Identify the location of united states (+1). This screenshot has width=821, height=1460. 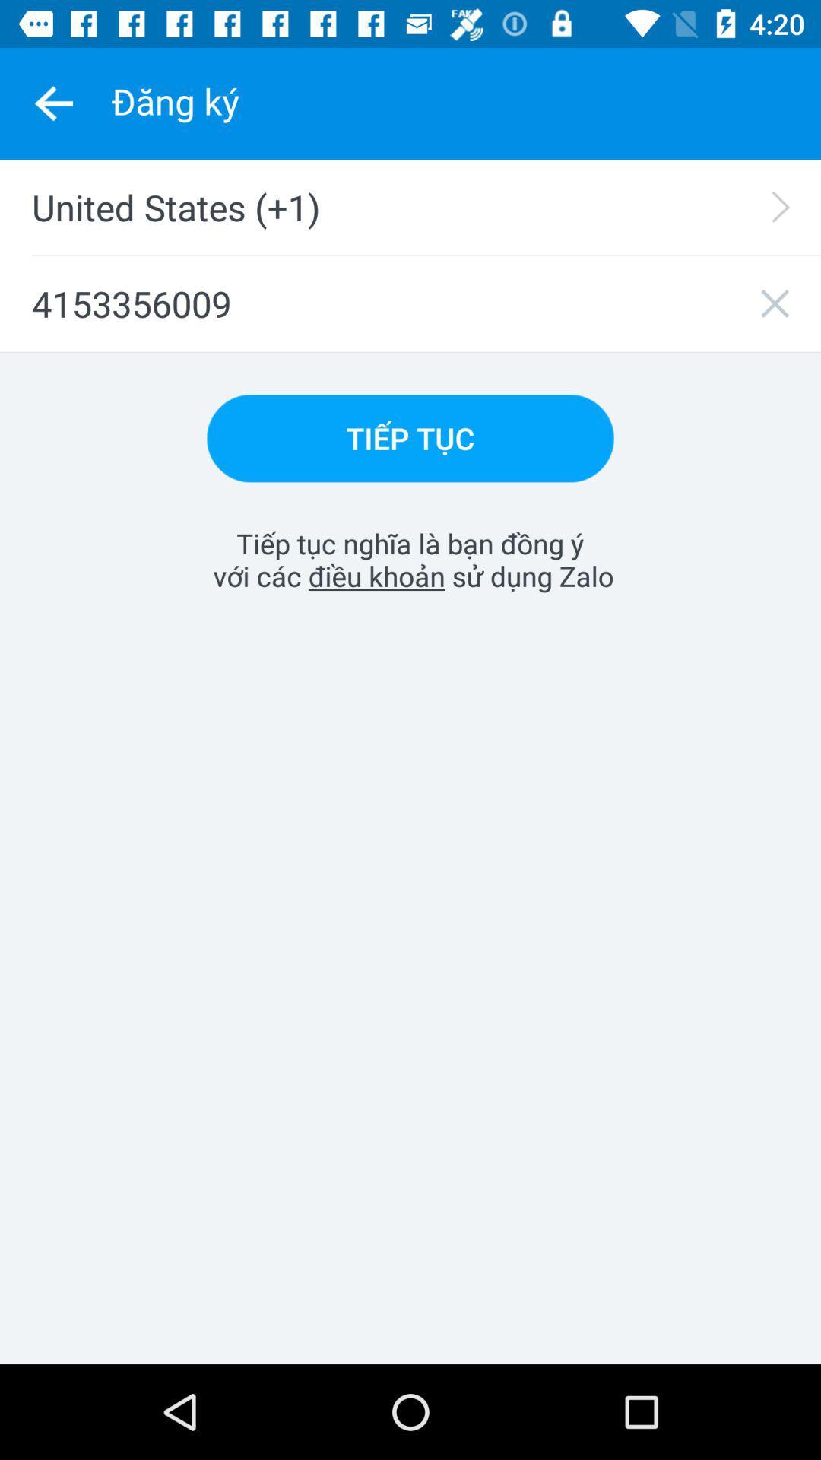
(420, 207).